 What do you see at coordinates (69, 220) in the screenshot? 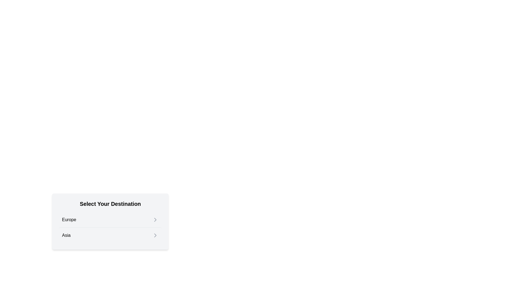
I see `the text label for 'Europe'` at bounding box center [69, 220].